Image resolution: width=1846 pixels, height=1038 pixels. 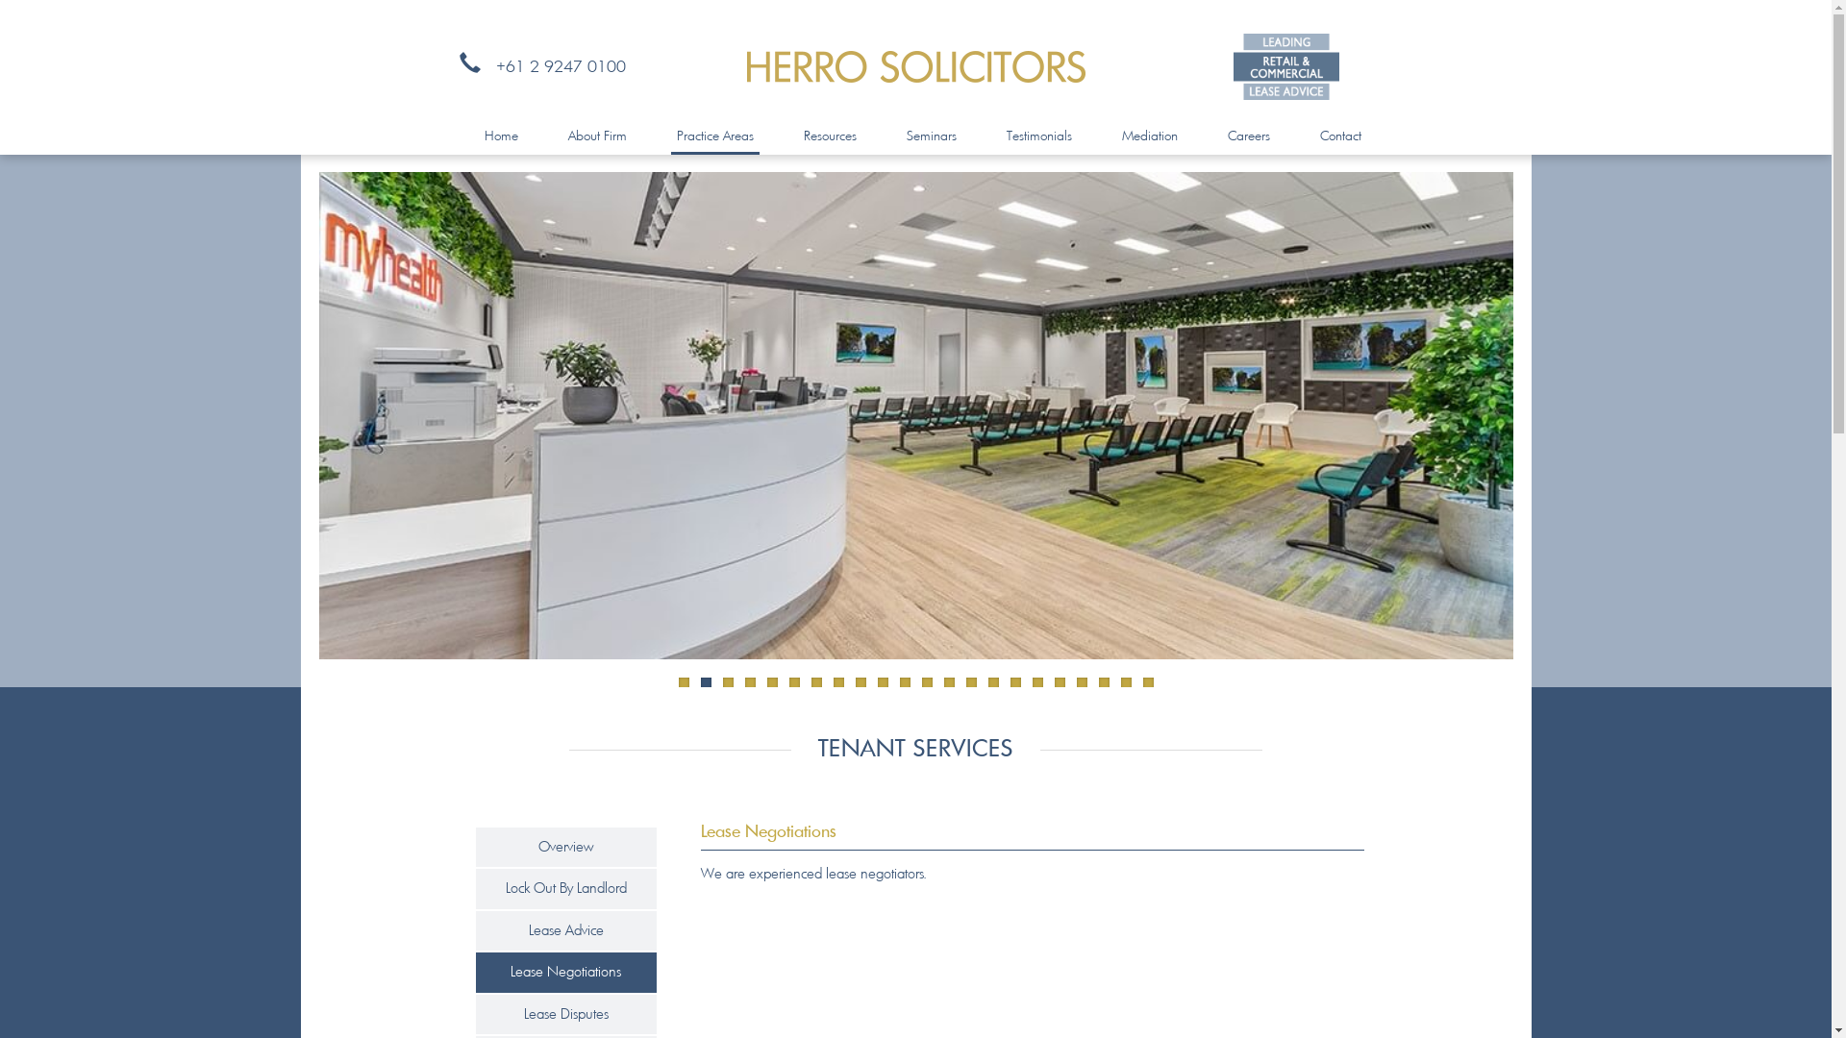 What do you see at coordinates (714, 136) in the screenshot?
I see `'Practice Areas'` at bounding box center [714, 136].